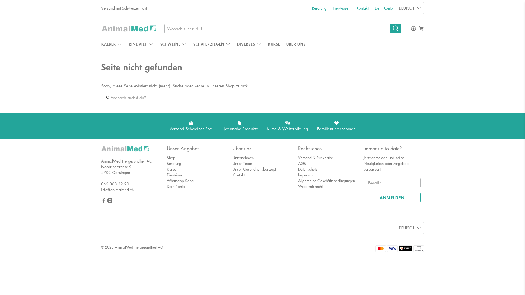 This screenshot has height=295, width=525. What do you see at coordinates (125, 151) in the screenshot?
I see `'AnimalMed Tiergesundheit AG'` at bounding box center [125, 151].